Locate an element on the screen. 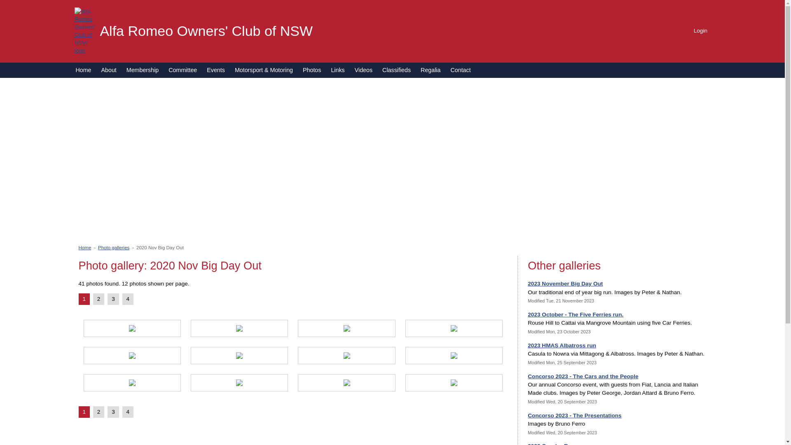 Image resolution: width=791 pixels, height=445 pixels. 'Home page' is located at coordinates (84, 30).